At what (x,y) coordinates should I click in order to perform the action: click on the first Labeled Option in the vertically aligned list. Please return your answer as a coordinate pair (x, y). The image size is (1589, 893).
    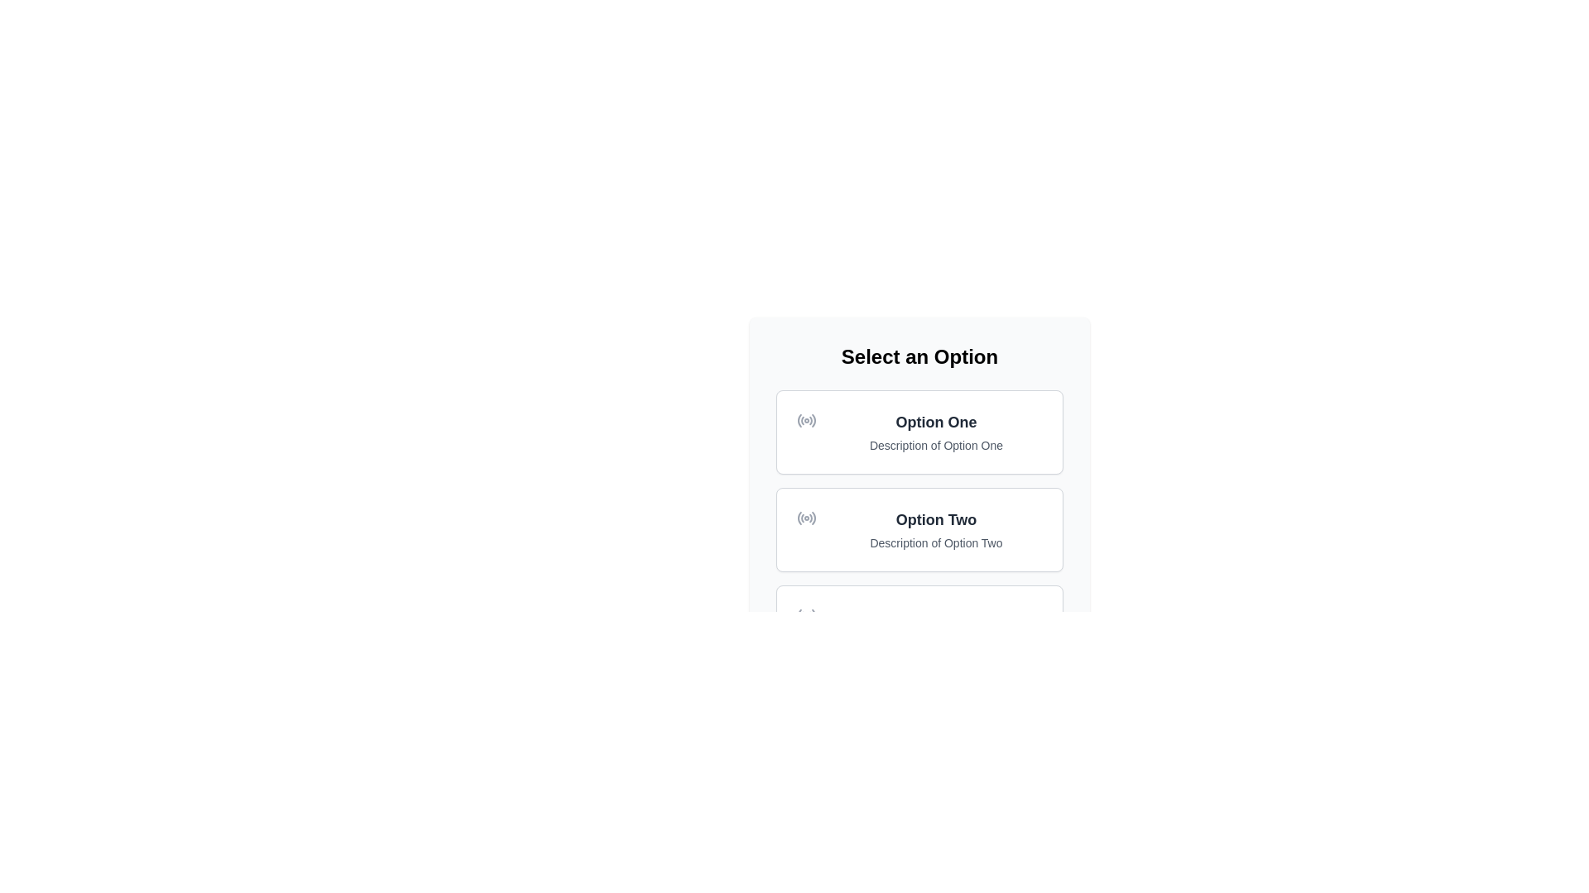
    Looking at the image, I should click on (936, 432).